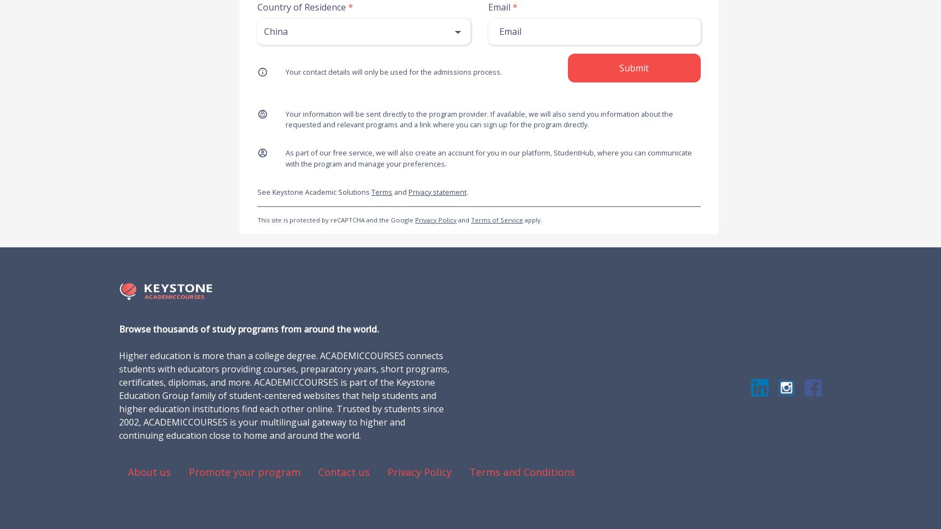  Describe the element at coordinates (301, 7) in the screenshot. I see `'Country of Residence'` at that location.